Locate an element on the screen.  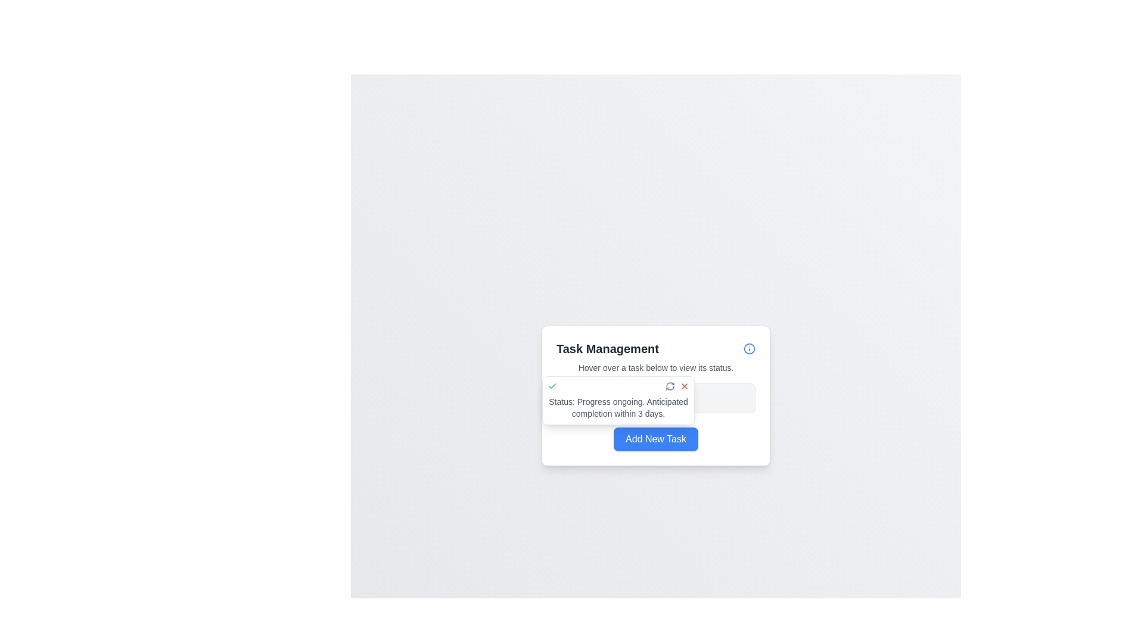
the first icon that signifies a 'completed' or 'success' state, located at the top-left corner of its group, to the left of the circular refresh icon and the 'close' icon is located at coordinates (551, 386).